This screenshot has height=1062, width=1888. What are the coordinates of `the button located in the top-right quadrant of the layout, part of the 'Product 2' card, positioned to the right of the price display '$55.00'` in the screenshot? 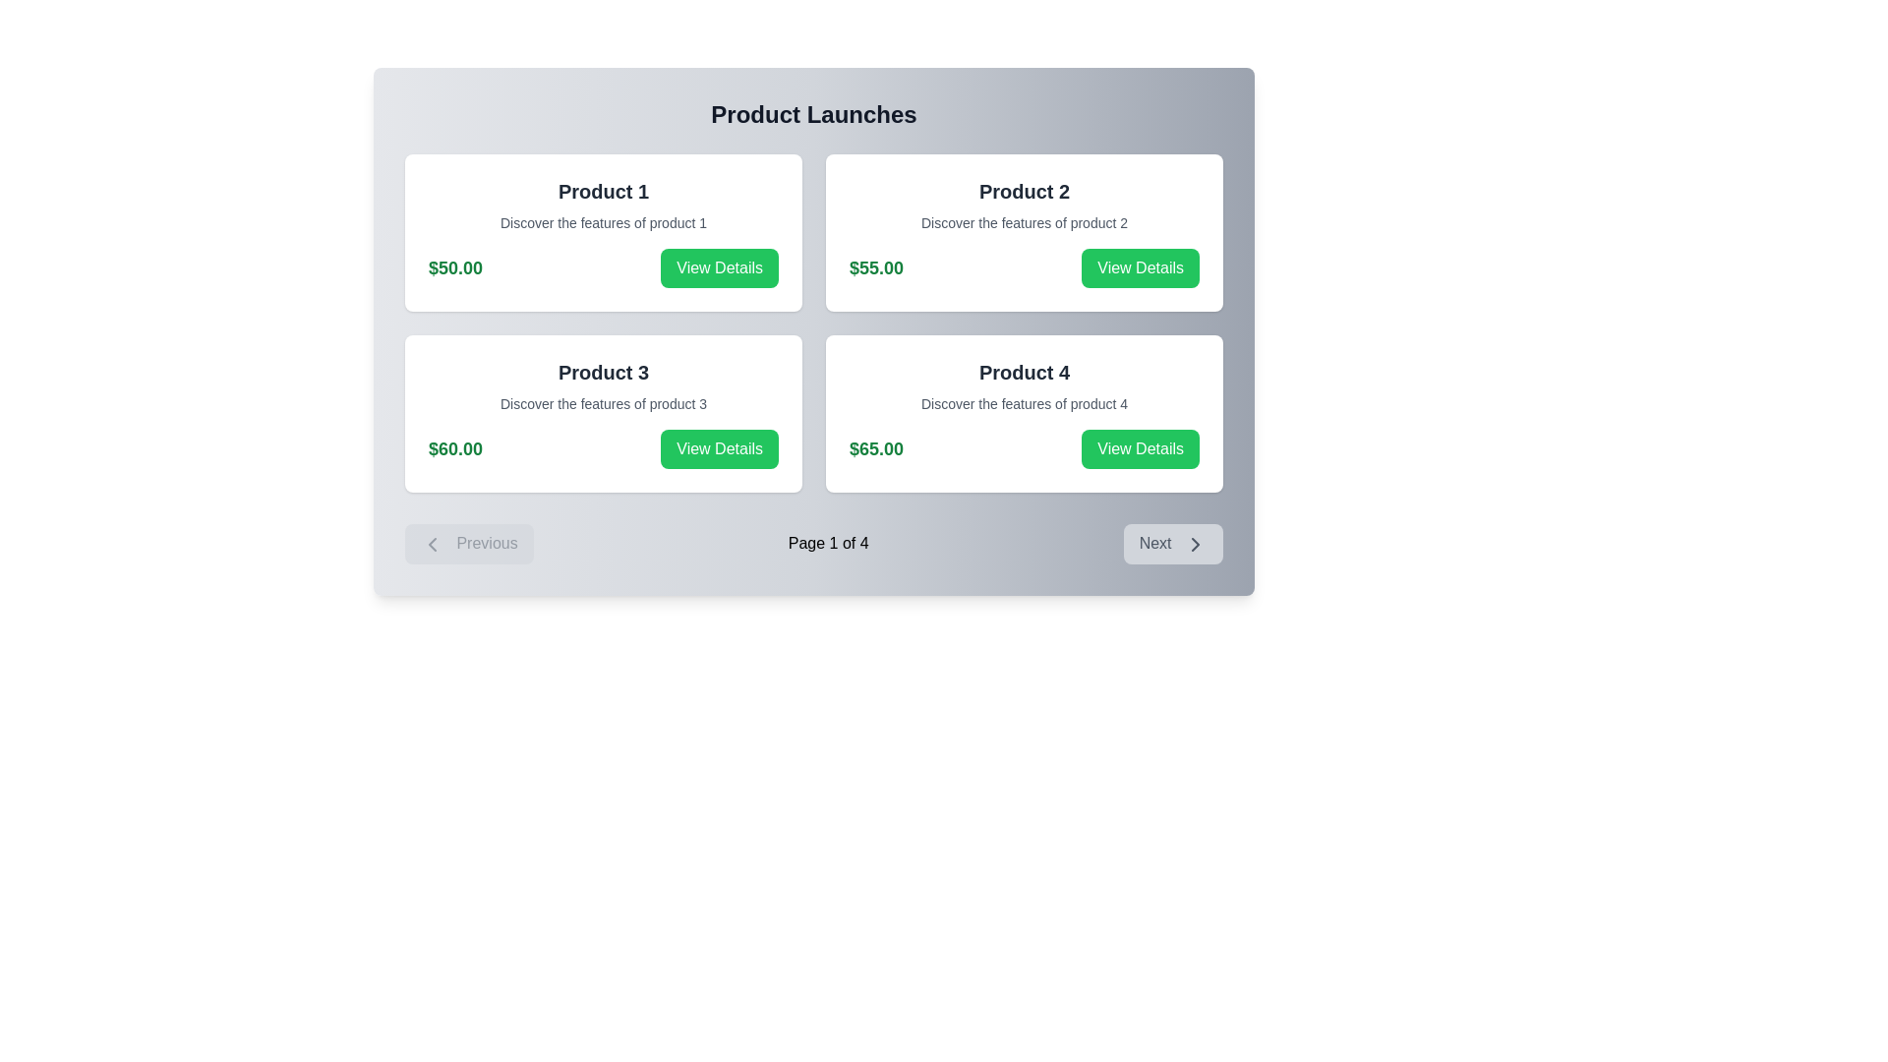 It's located at (1141, 268).